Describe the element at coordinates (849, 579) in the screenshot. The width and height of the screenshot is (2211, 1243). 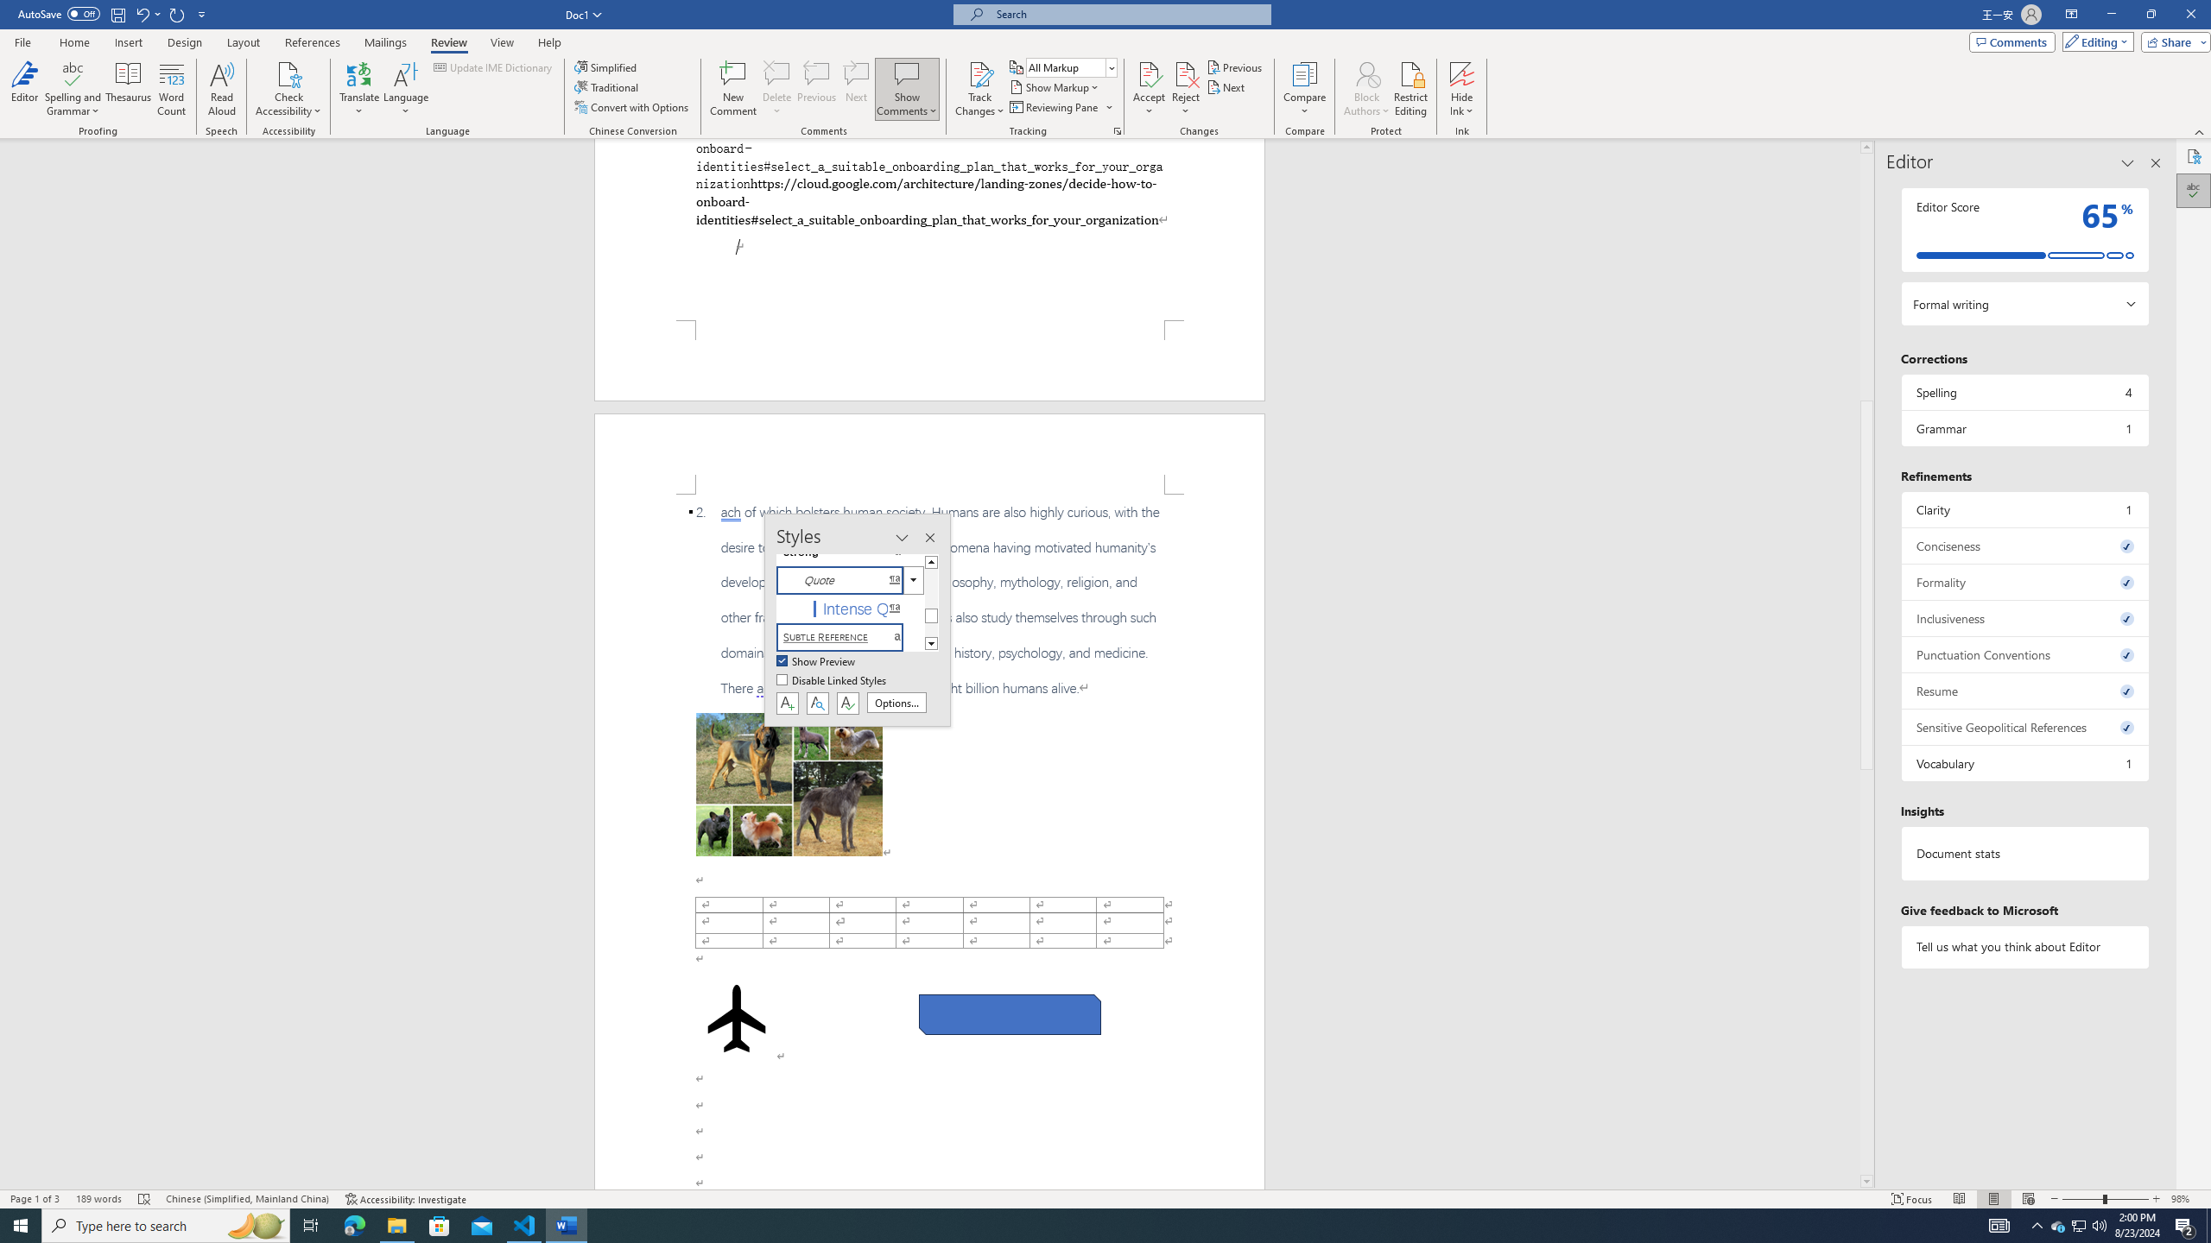
I see `'Quote'` at that location.